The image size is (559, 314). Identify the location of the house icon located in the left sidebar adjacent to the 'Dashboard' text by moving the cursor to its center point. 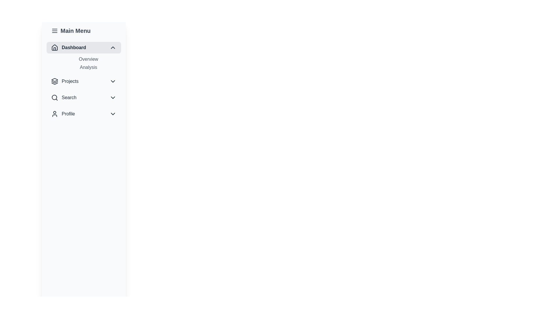
(54, 47).